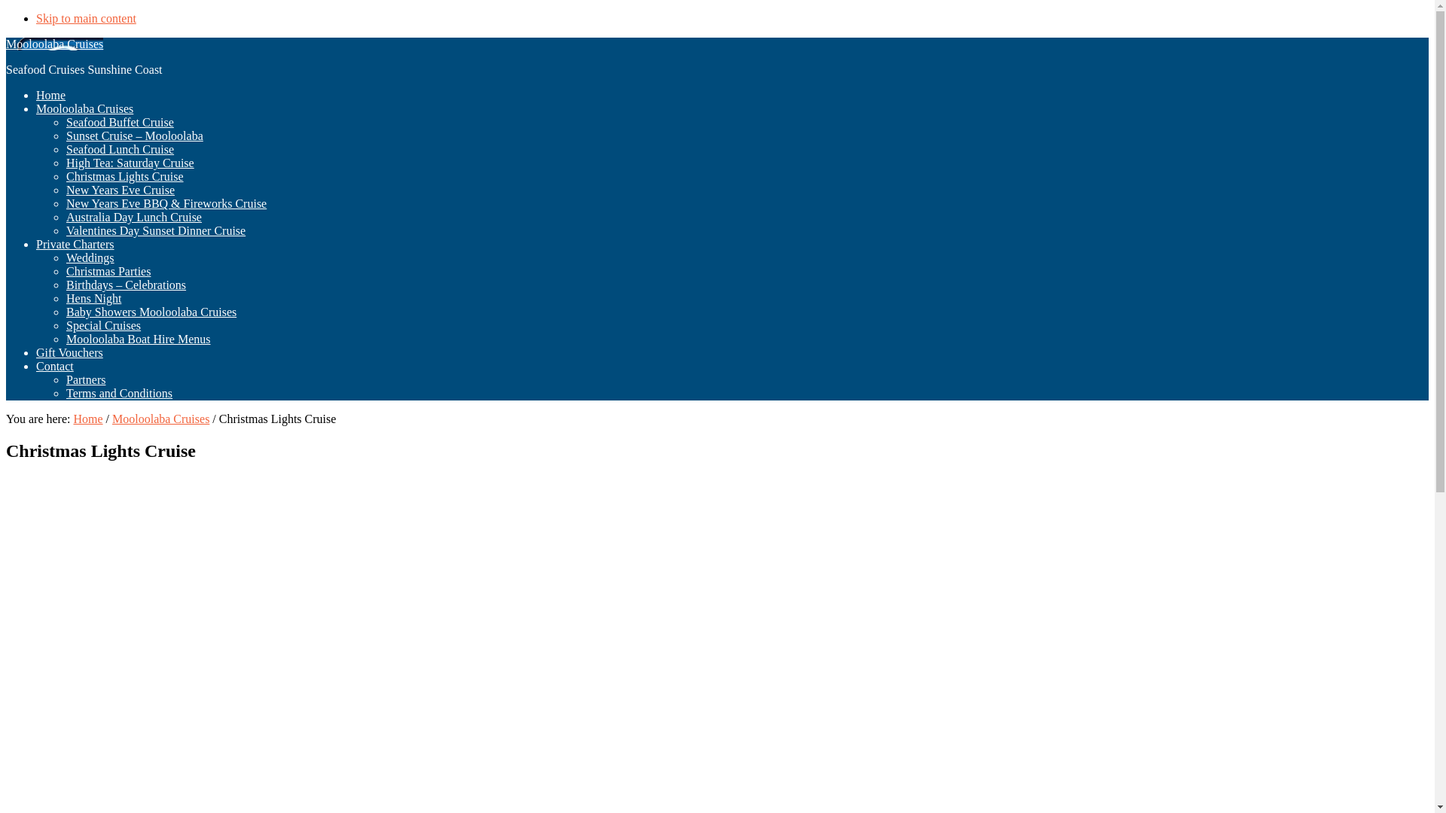 The width and height of the screenshot is (1446, 813). Describe the element at coordinates (119, 149) in the screenshot. I see `'Seafood Lunch Cruise'` at that location.